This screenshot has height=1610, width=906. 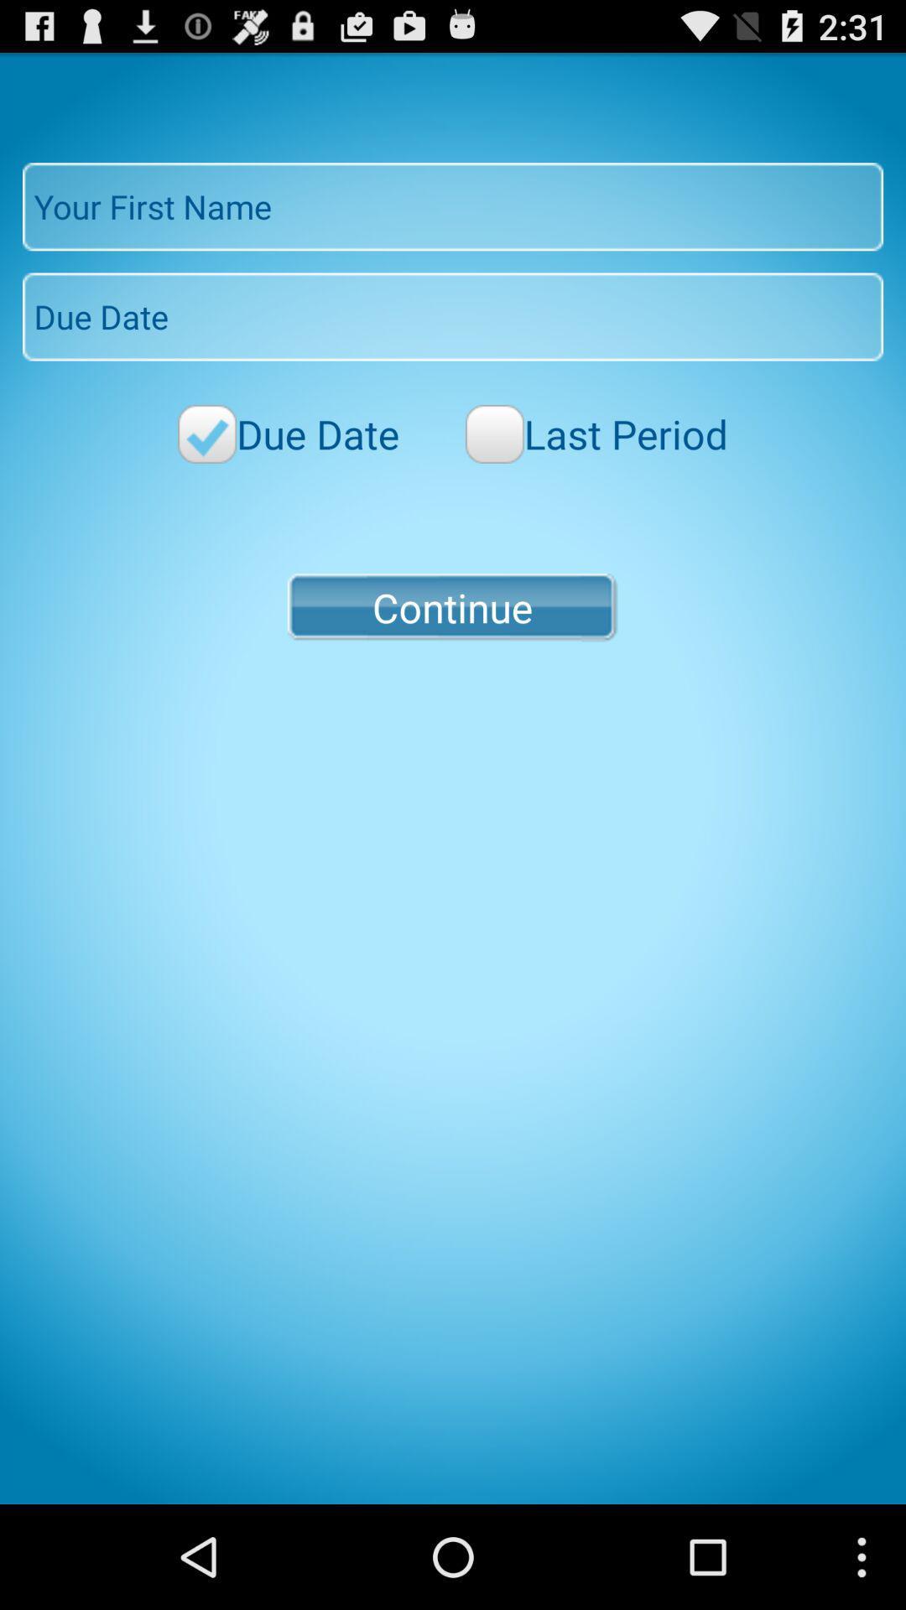 I want to click on icon to the right of due date radio button, so click(x=596, y=434).